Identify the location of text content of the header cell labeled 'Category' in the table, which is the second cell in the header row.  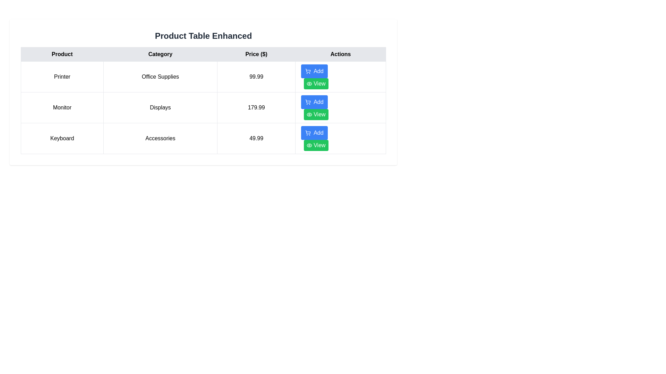
(160, 54).